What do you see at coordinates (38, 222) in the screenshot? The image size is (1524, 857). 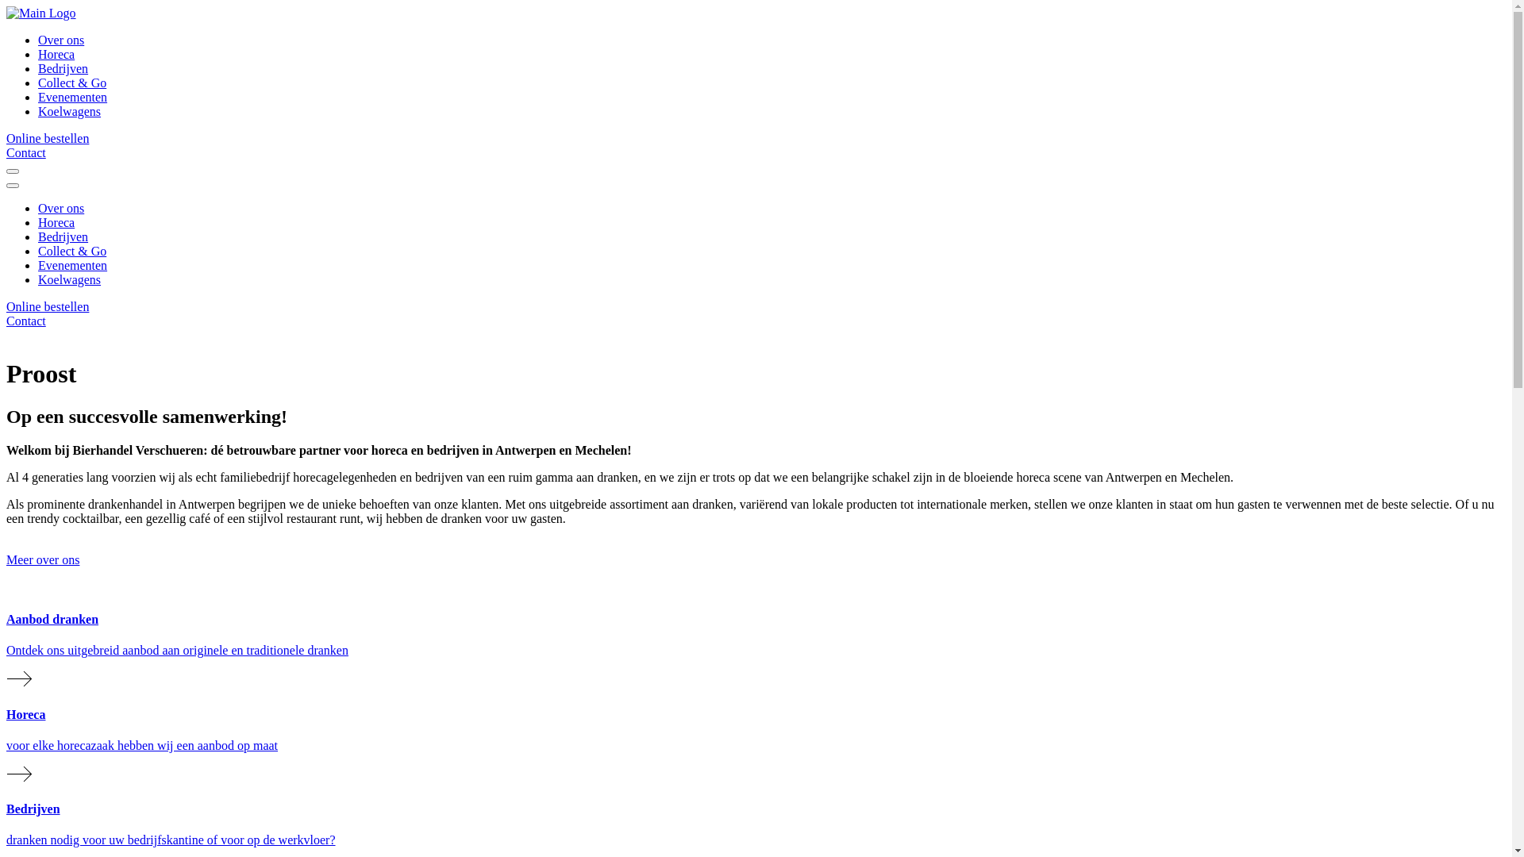 I see `'Horeca'` at bounding box center [38, 222].